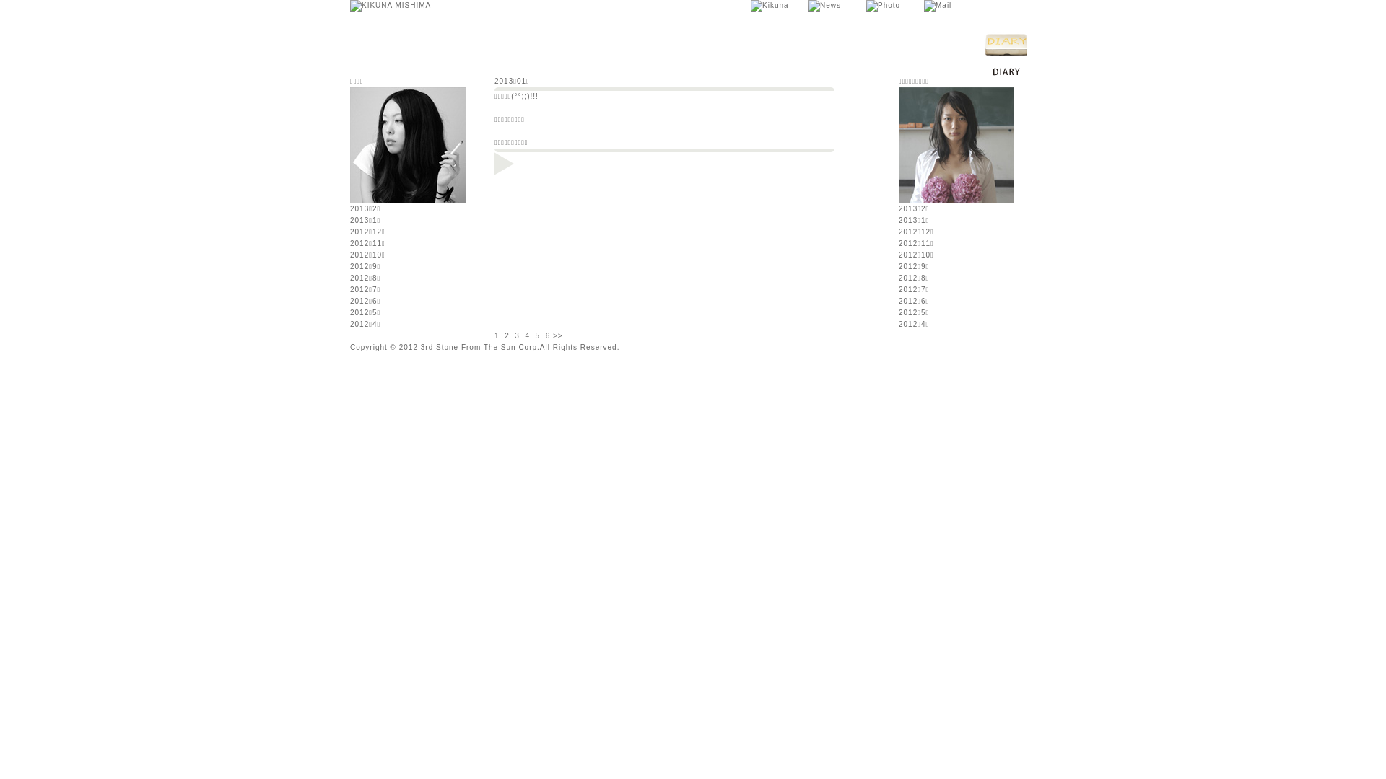 The image size is (1386, 779). I want to click on '2', so click(505, 335).